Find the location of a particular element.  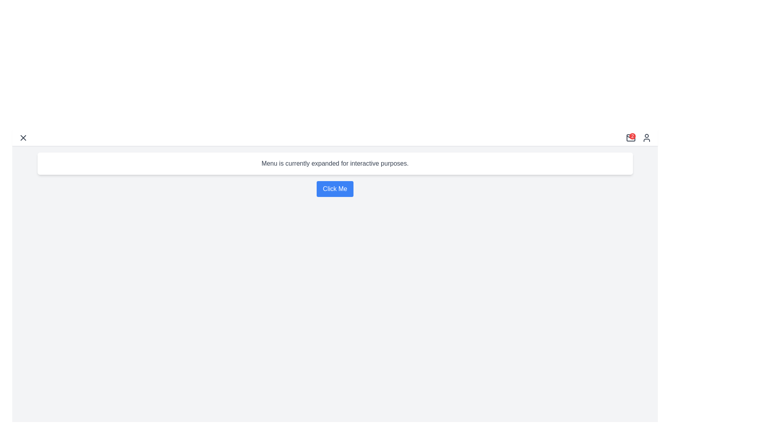

the Notification Badge located is located at coordinates (638, 137).